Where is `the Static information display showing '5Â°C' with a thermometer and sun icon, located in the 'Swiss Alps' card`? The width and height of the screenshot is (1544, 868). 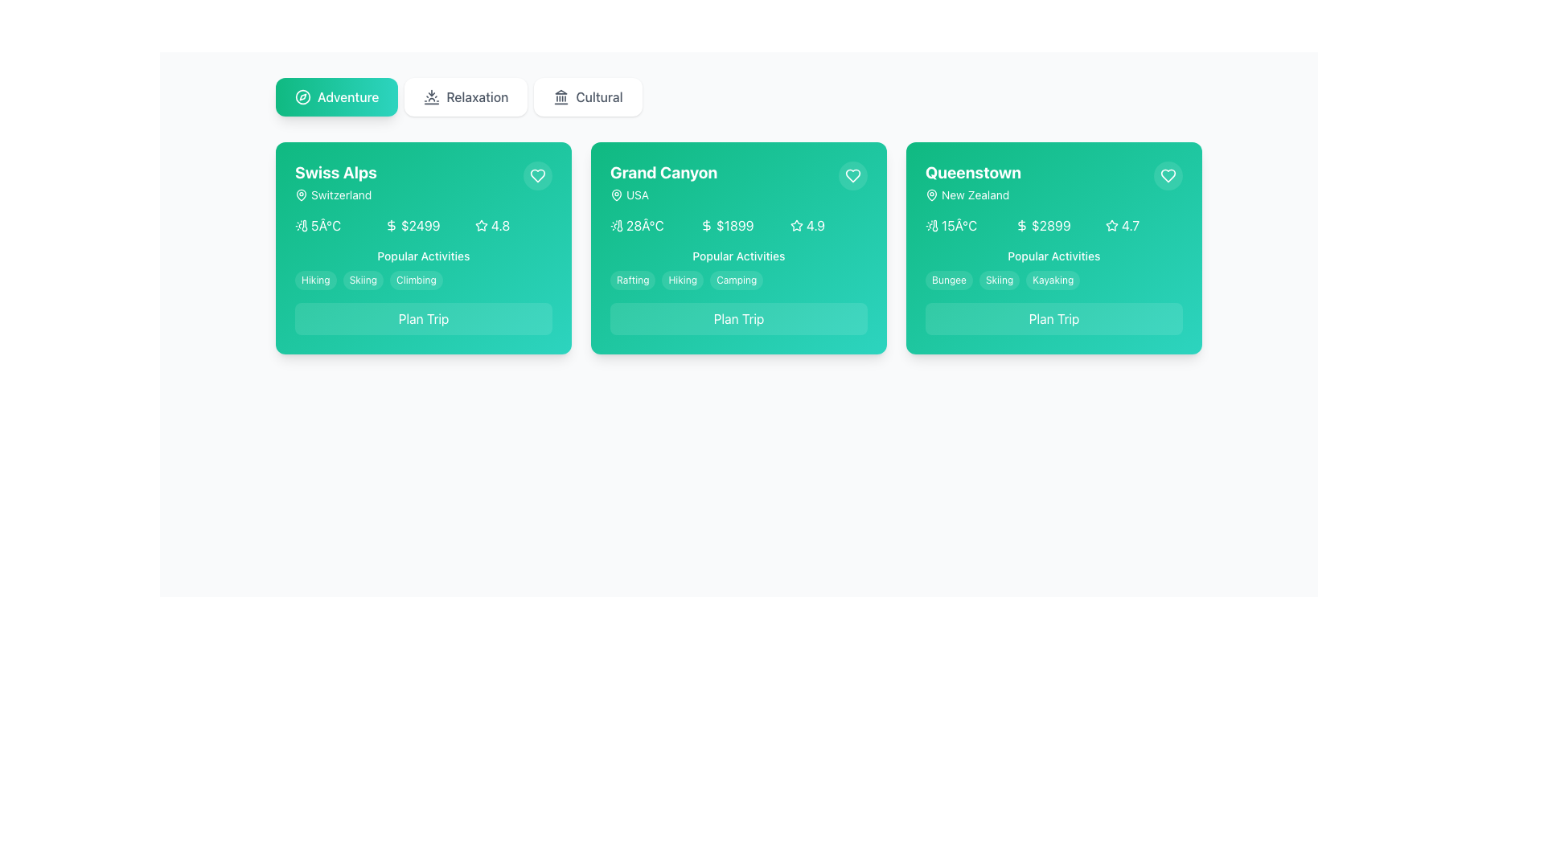
the Static information display showing '5Â°C' with a thermometer and sun icon, located in the 'Swiss Alps' card is located at coordinates (332, 226).